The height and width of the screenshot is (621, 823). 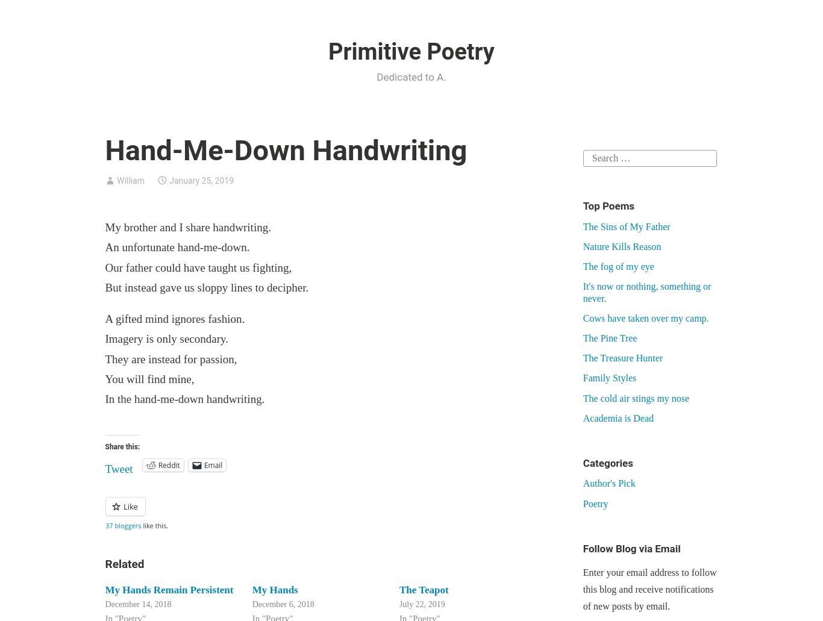 What do you see at coordinates (609, 378) in the screenshot?
I see `'Family Styles'` at bounding box center [609, 378].